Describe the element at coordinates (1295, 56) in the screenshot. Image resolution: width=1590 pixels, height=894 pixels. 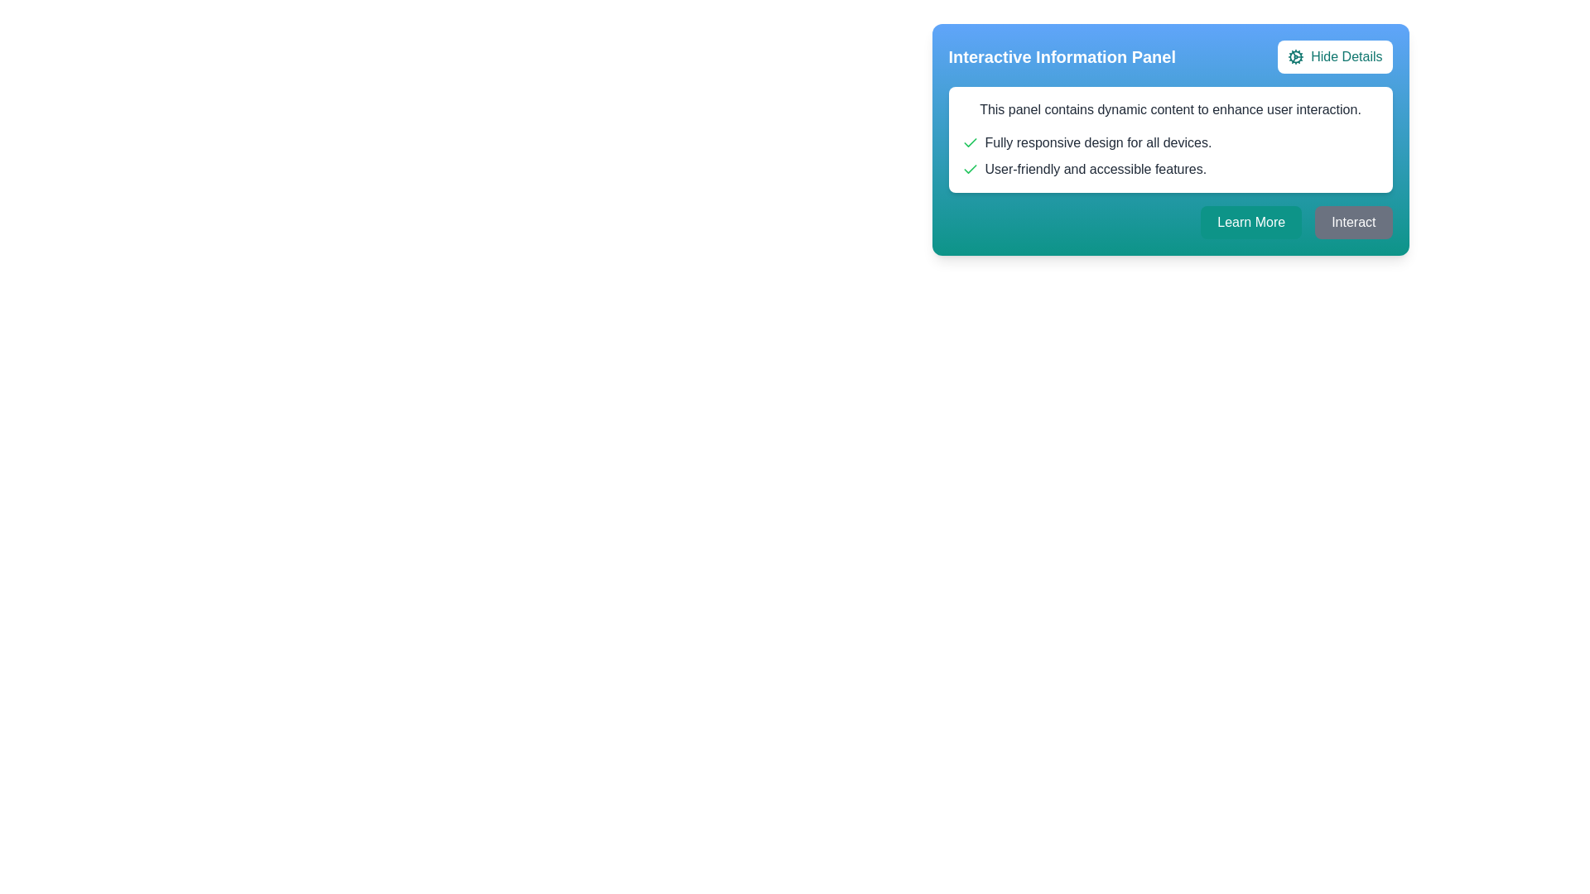
I see `the settings icon located at the top-right corner of the 'Interactive Information Panel', next to the 'Hide Details' text` at that location.